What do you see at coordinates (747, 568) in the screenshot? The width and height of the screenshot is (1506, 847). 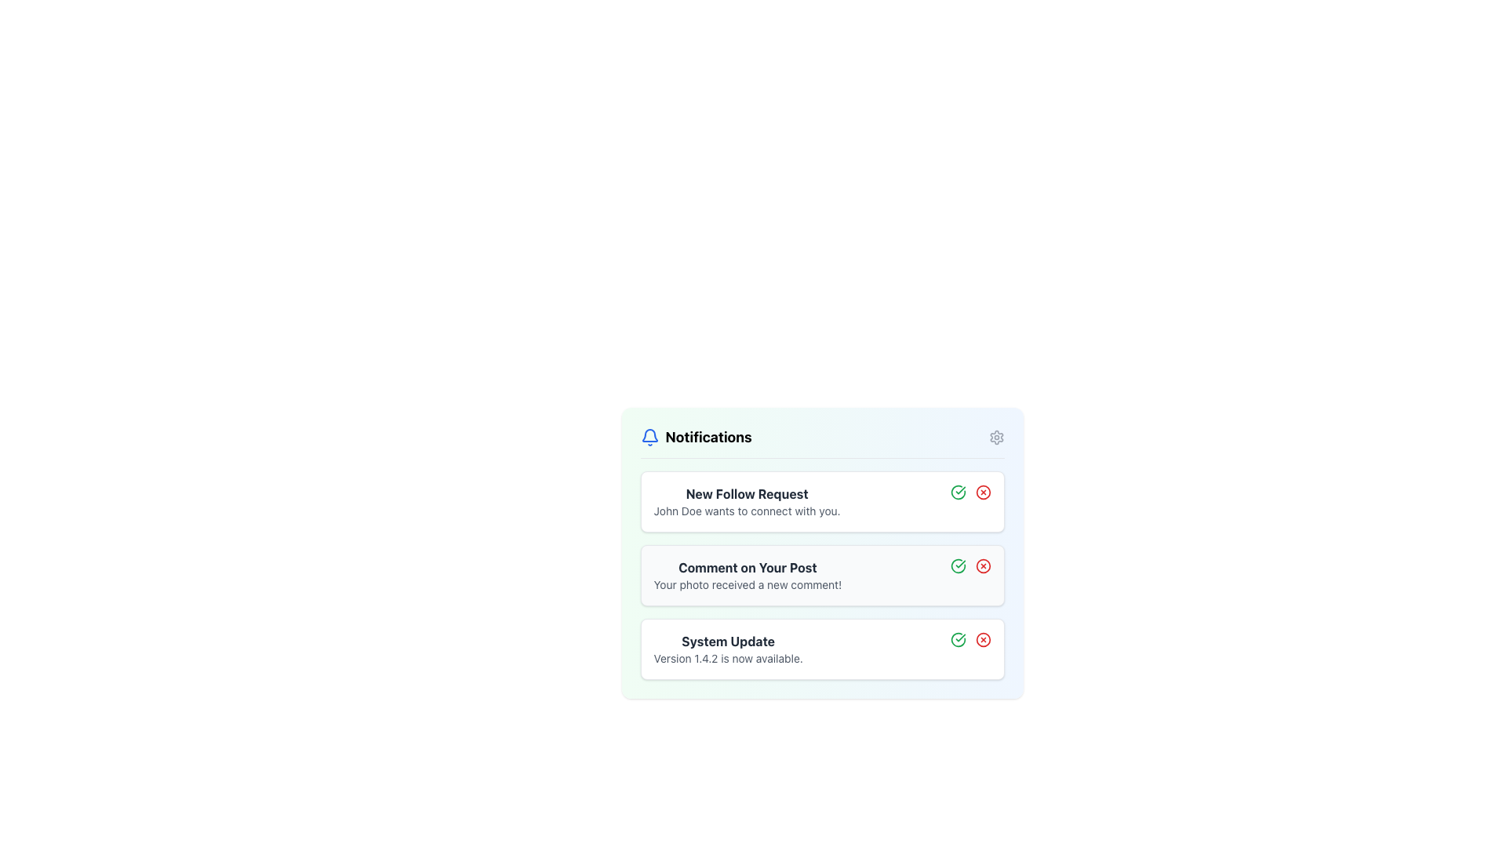 I see `the Text Label that serves as the title of the notification, positioned above the text 'Your photo received a new comment!' within the notification card` at bounding box center [747, 568].